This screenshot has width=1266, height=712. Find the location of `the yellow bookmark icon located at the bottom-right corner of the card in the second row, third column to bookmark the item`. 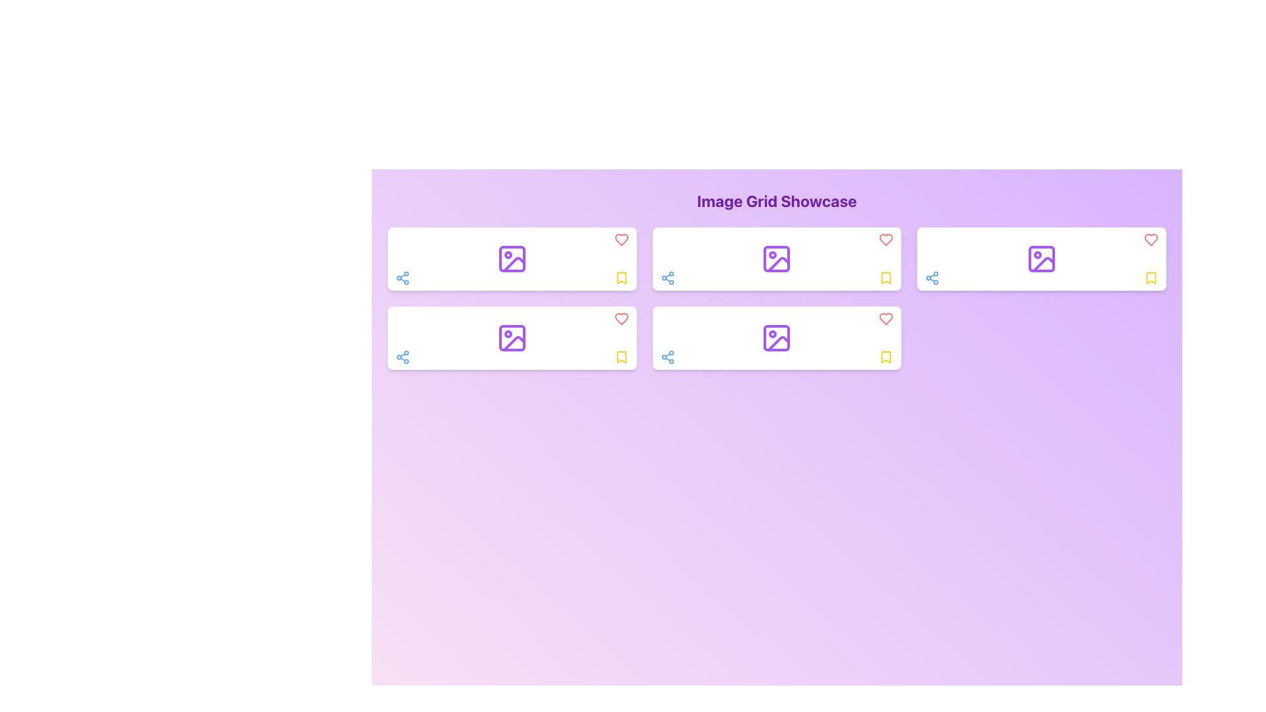

the yellow bookmark icon located at the bottom-right corner of the card in the second row, third column to bookmark the item is located at coordinates (620, 357).